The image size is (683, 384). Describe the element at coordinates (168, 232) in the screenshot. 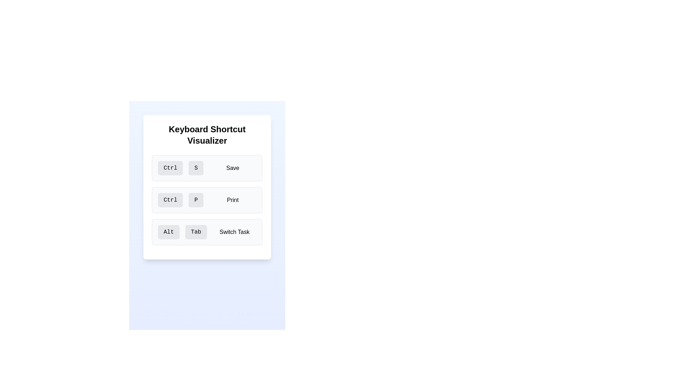

I see `the 'Alt' button in the keyboard shortcut visualization, which is located to the left of the 'Tab' button and above the 'Switch Task' label` at that location.